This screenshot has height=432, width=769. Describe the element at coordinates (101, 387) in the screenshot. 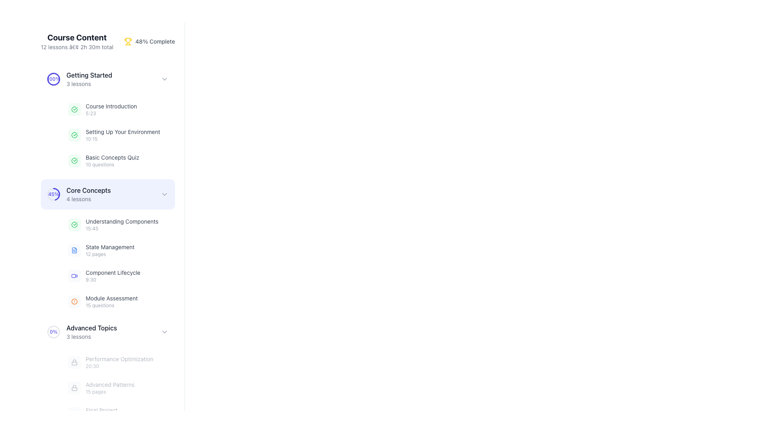

I see `the information of the lesson or topic represented by the List item with a lock icon located in the 'Advanced Topics' section, positioned below 'Performance Optimization' and above 'Final Project'` at that location.